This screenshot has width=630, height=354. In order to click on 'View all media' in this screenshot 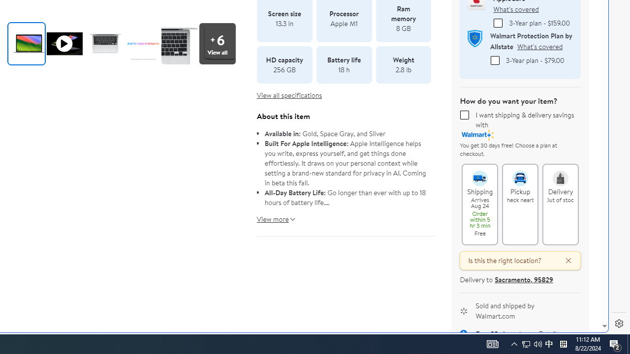, I will do `click(220, 43)`.